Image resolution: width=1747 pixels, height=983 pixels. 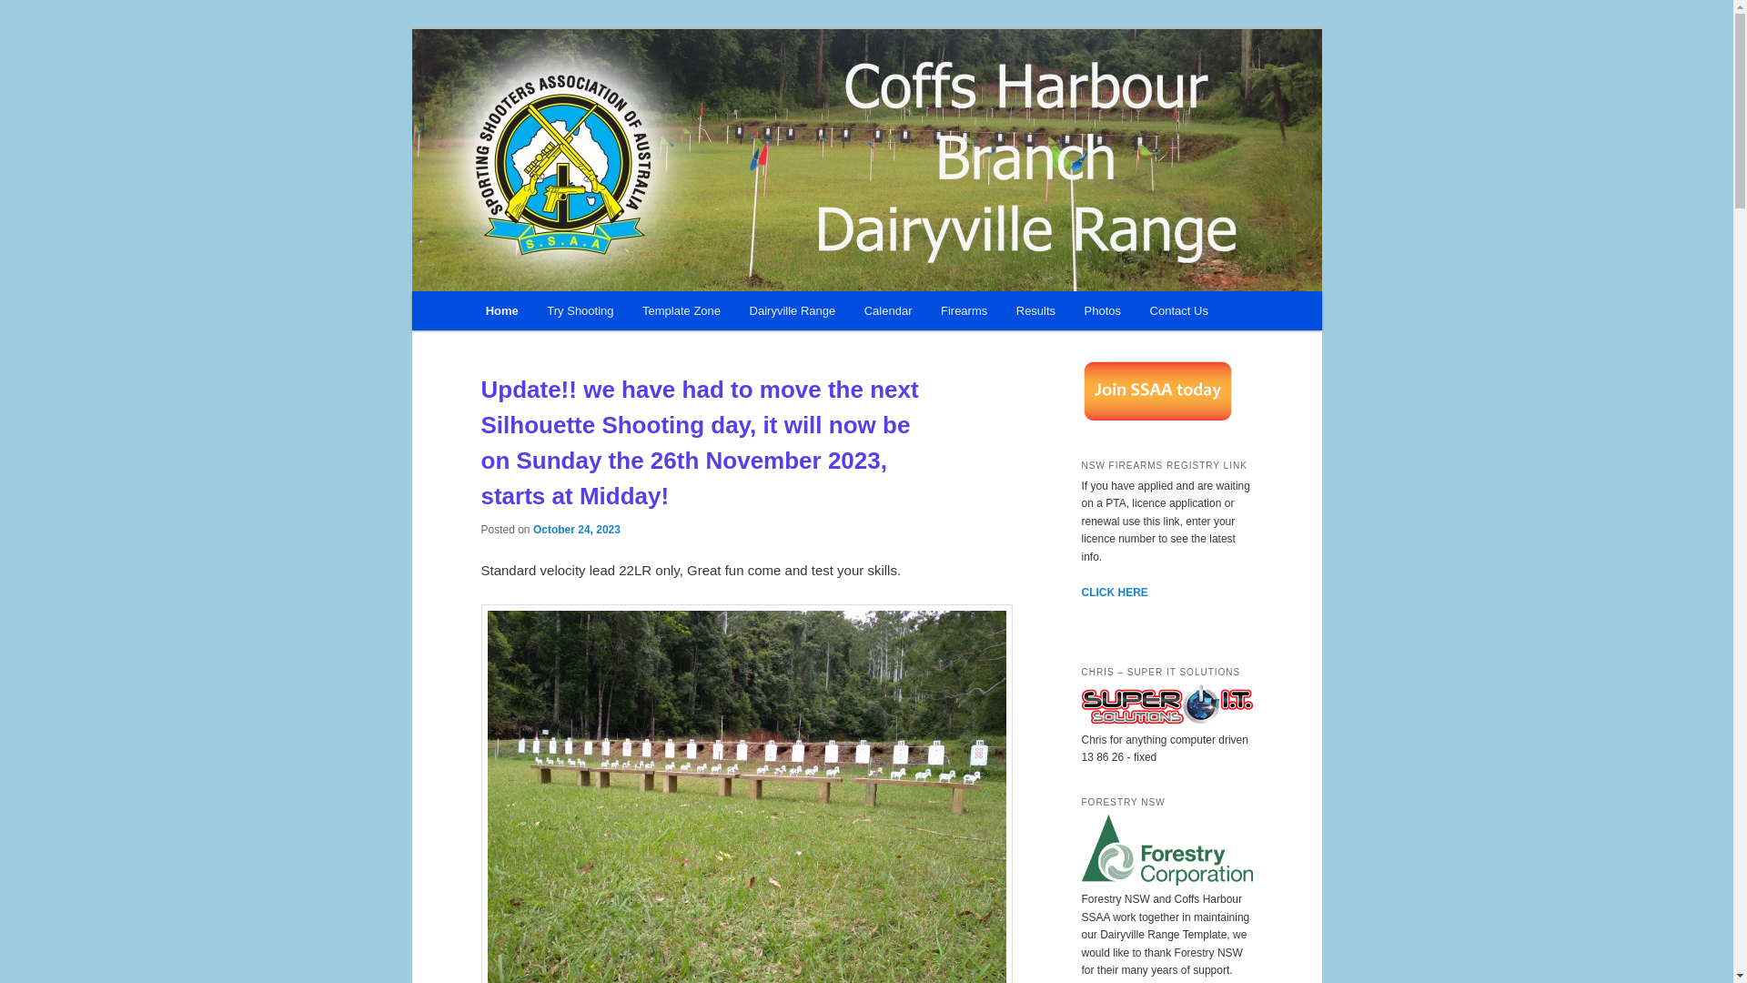 I want to click on 'Template Zone', so click(x=680, y=309).